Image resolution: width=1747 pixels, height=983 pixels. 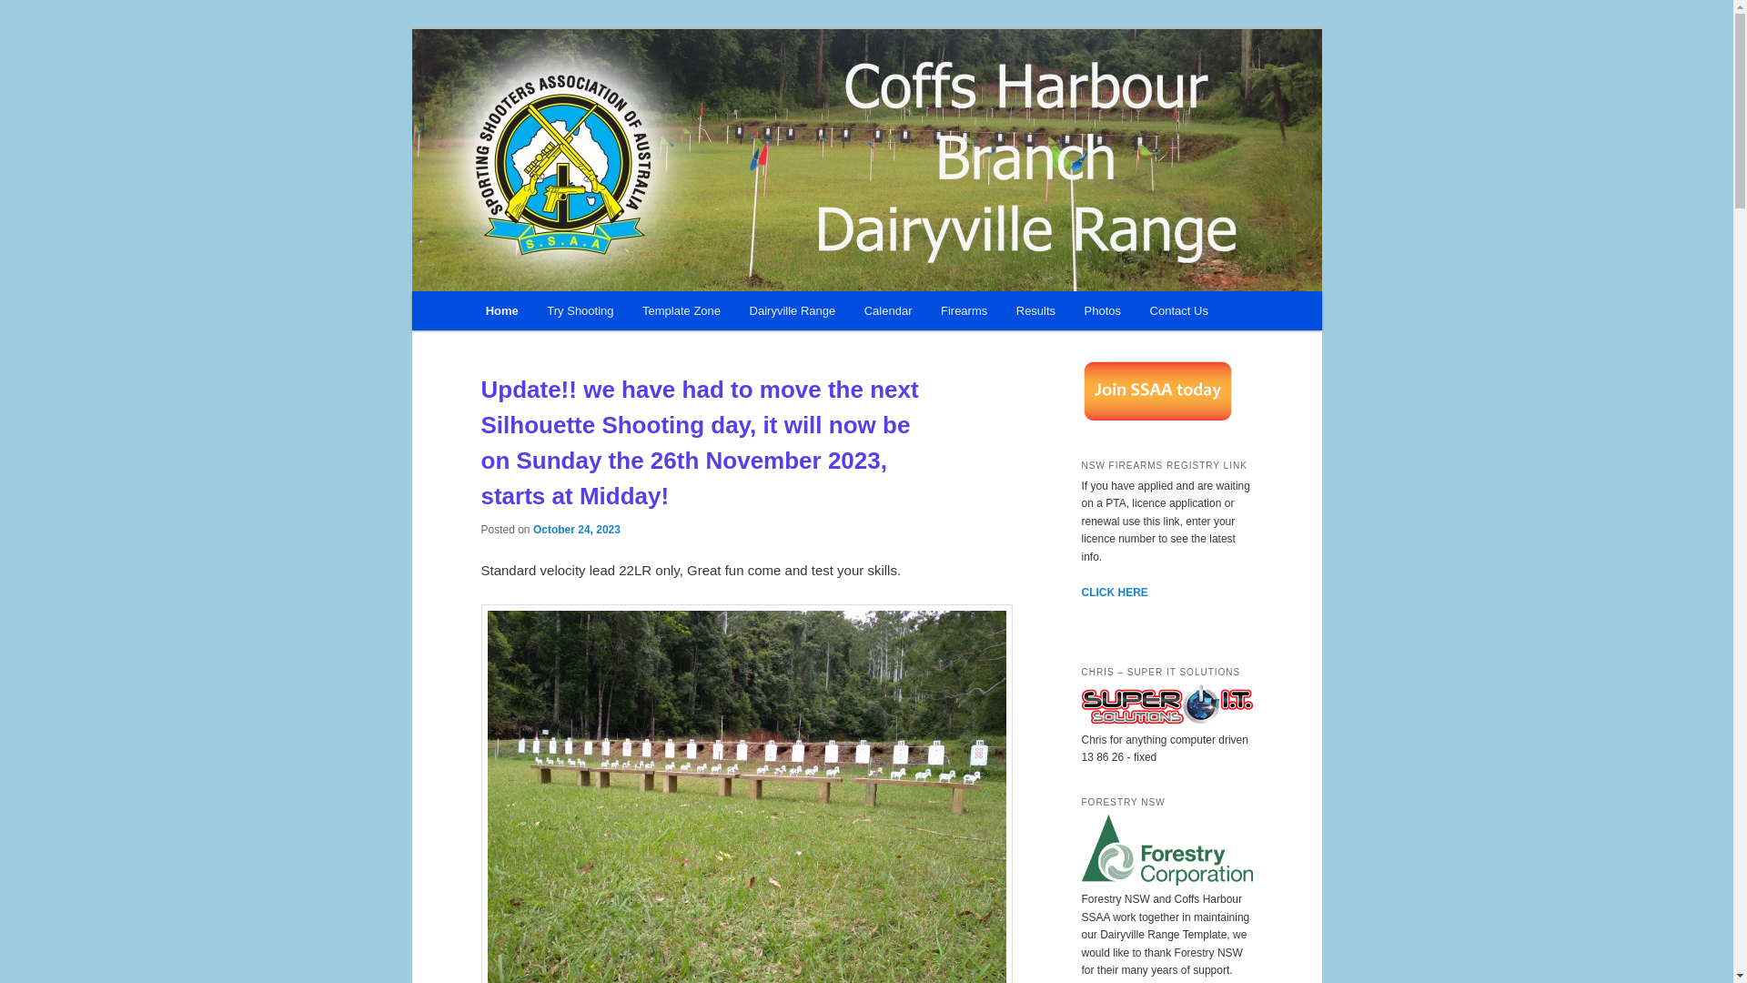 I want to click on 'Template Zone', so click(x=680, y=309).